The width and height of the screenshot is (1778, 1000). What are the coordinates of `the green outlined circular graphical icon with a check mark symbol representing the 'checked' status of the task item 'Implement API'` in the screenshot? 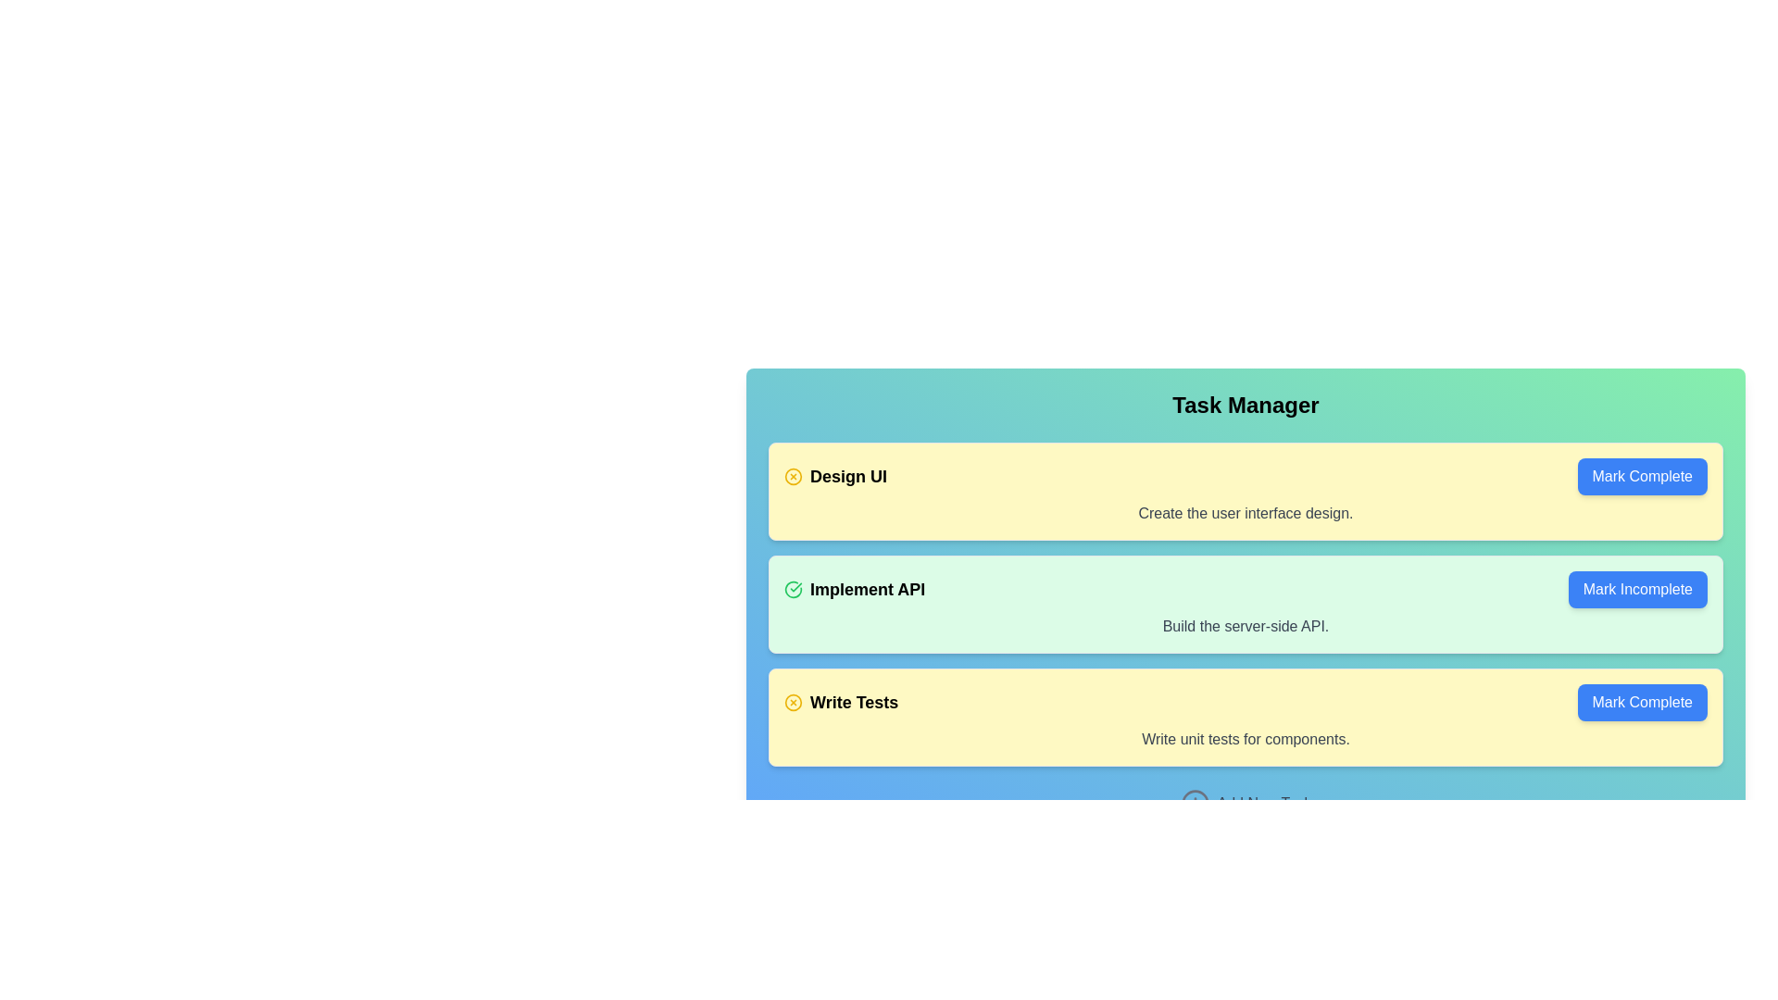 It's located at (794, 589).